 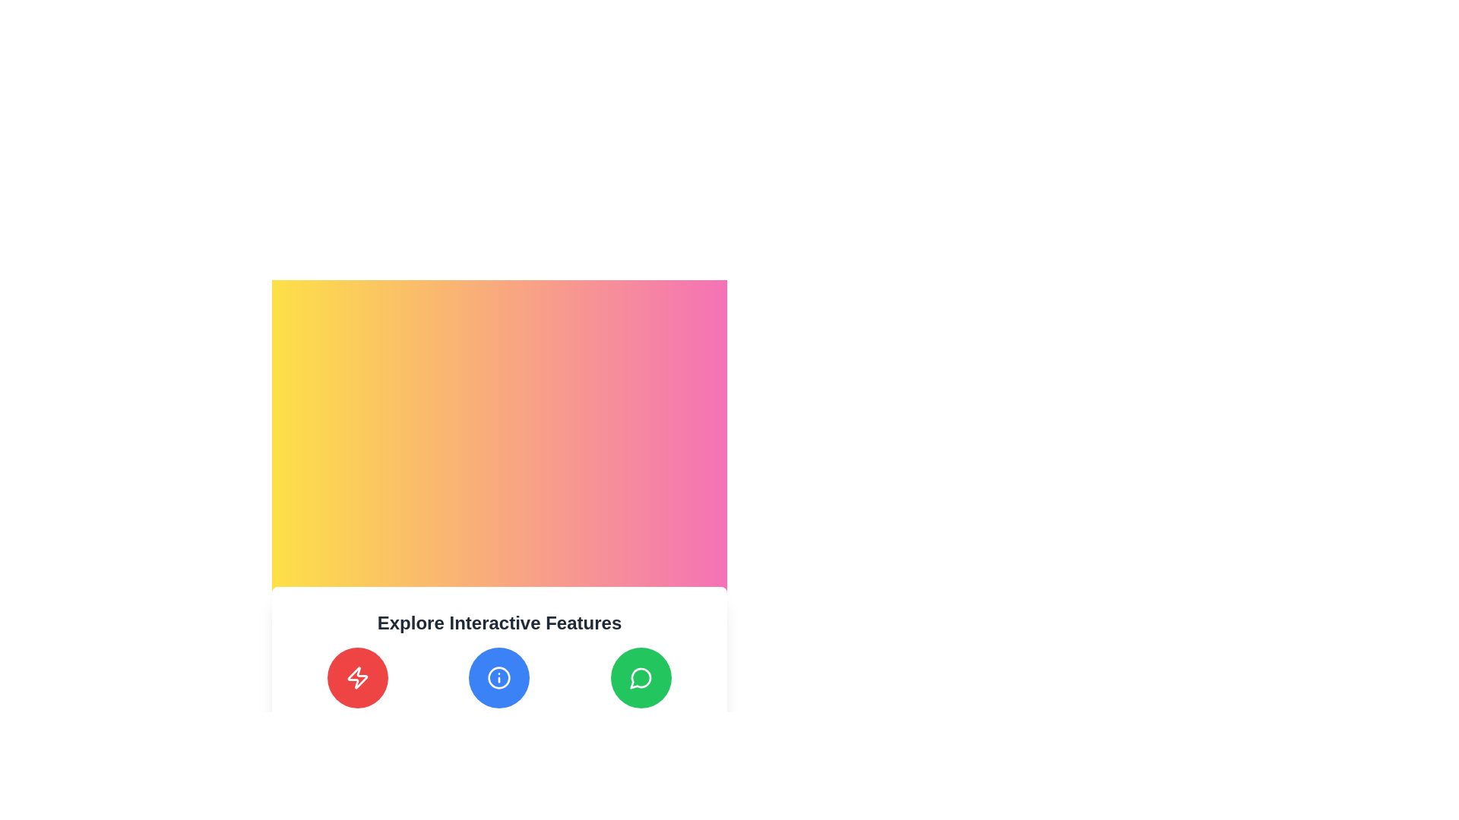 I want to click on the white lightning bolt icon located in the lower-left corner of the red circular button under the label 'Explore Interactive Features', so click(x=357, y=677).